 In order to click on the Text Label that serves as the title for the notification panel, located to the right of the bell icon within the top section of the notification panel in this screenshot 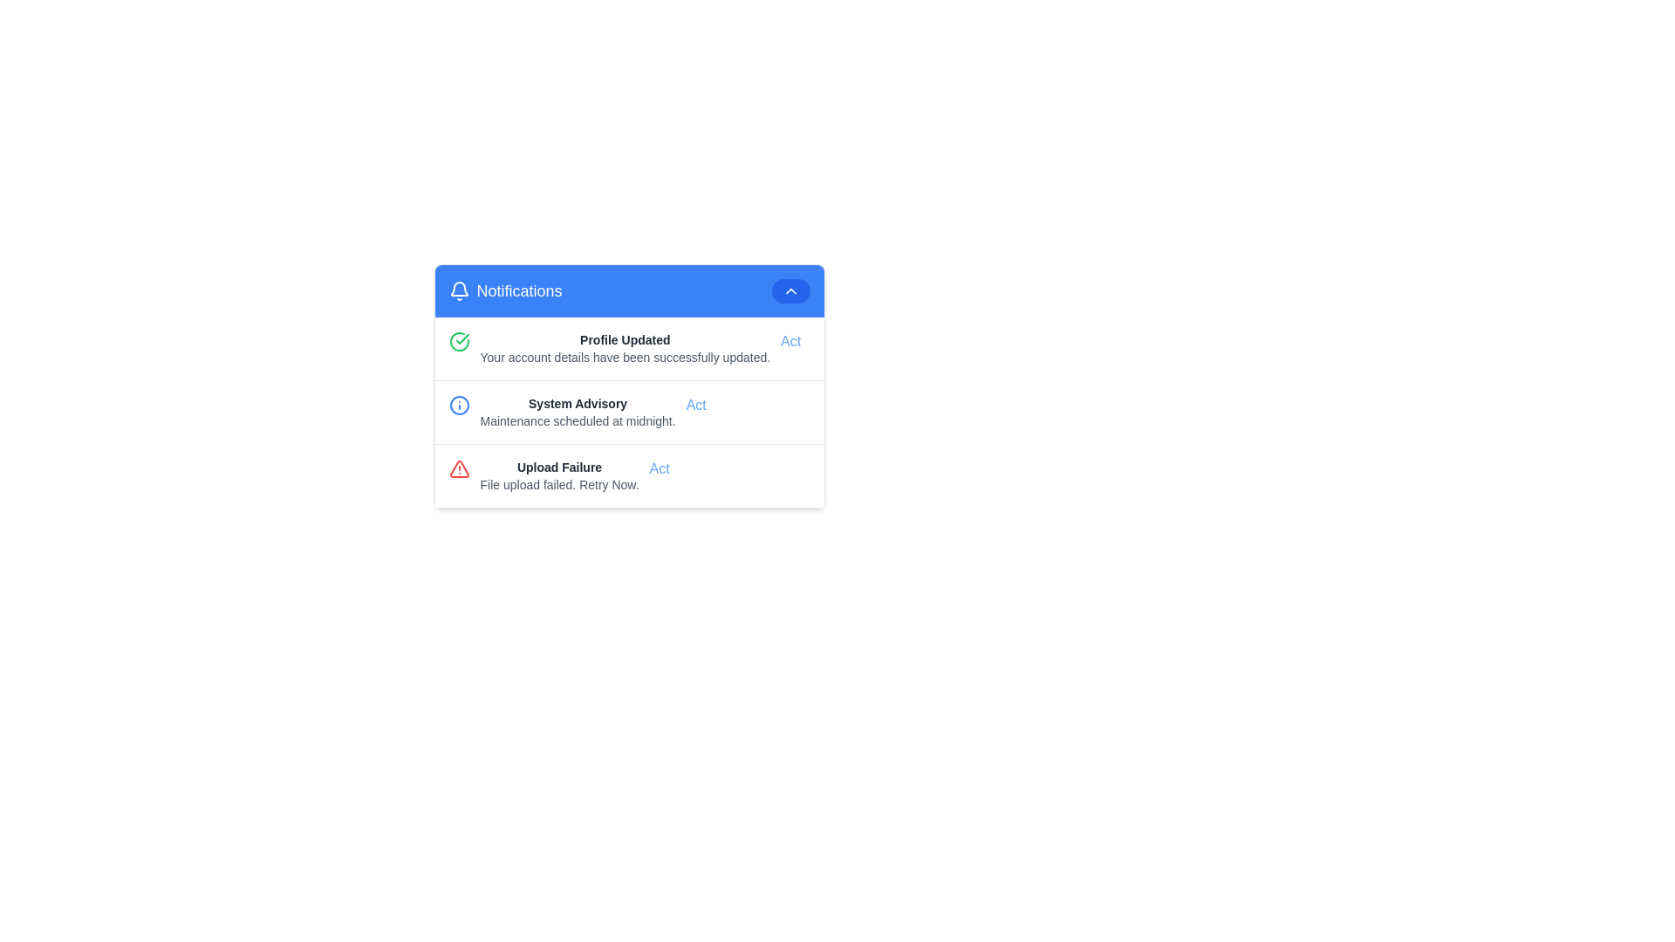, I will do `click(518, 290)`.